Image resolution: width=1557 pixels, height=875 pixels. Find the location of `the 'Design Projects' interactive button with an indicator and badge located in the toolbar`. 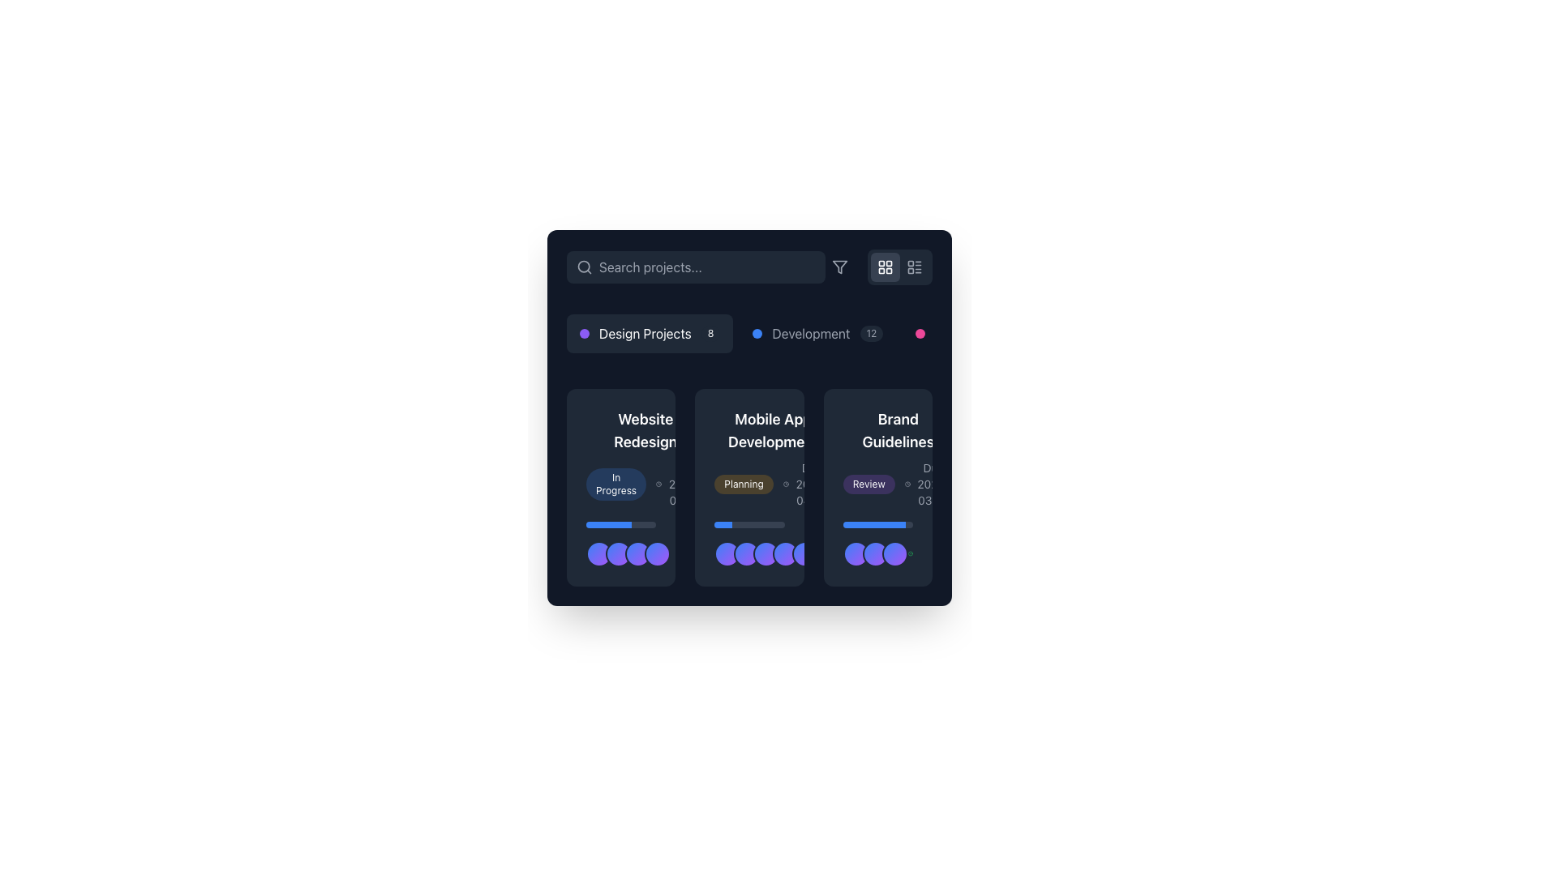

the 'Design Projects' interactive button with an indicator and badge located in the toolbar is located at coordinates (650, 333).